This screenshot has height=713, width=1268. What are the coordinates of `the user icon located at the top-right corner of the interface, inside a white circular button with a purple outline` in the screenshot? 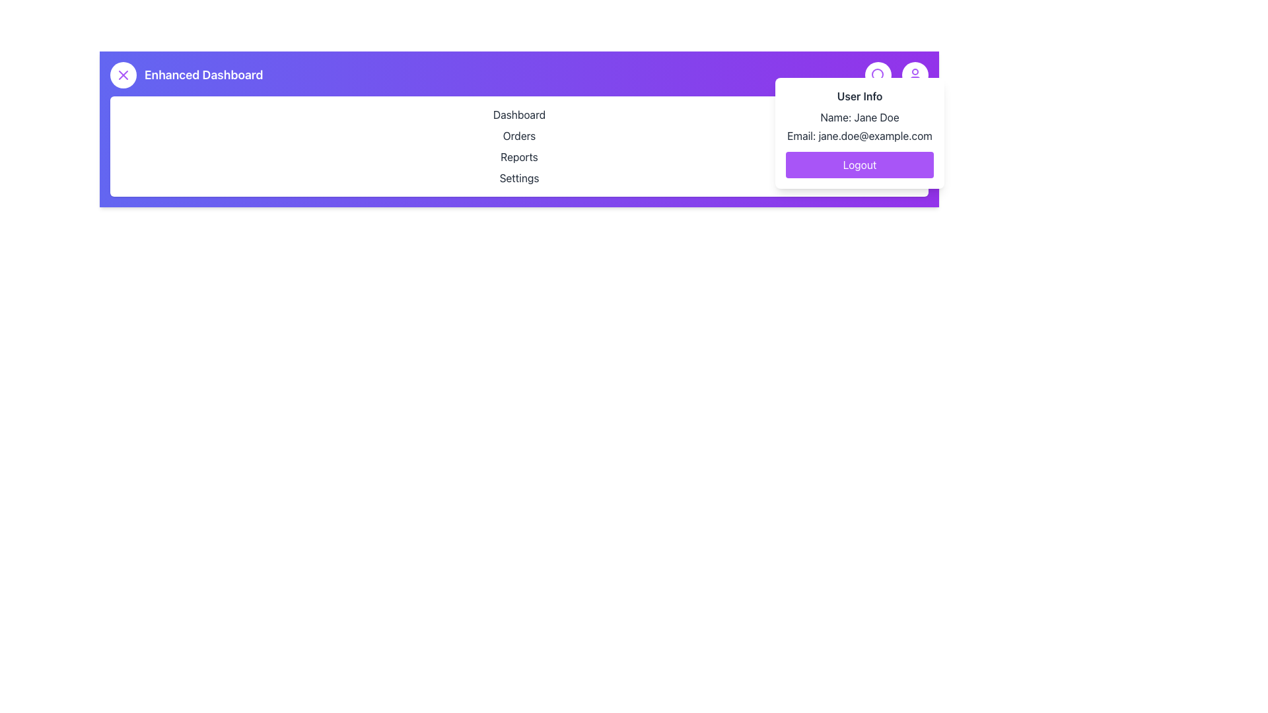 It's located at (915, 75).